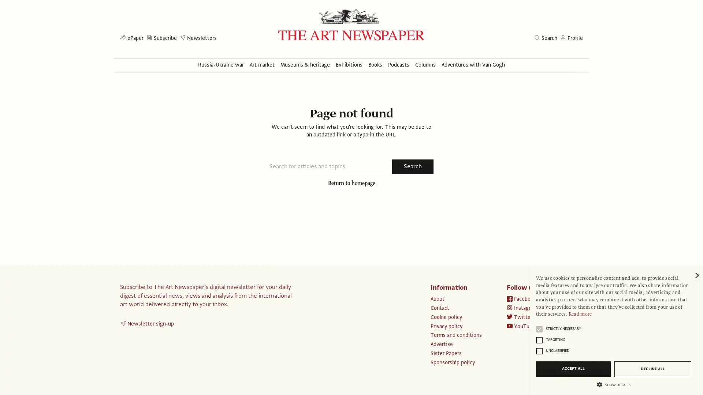 The width and height of the screenshot is (703, 395). I want to click on Close, so click(696, 275).